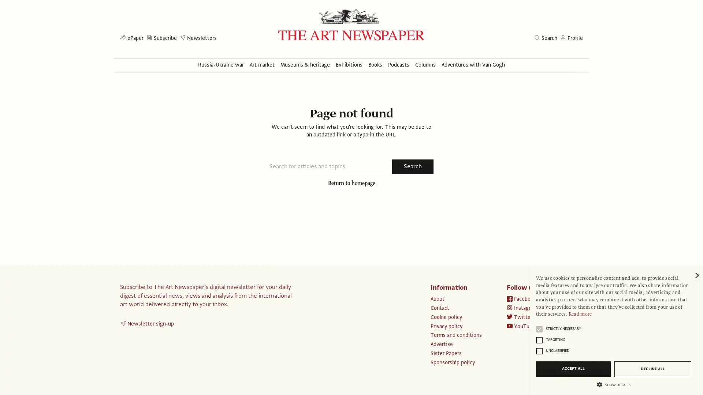 The width and height of the screenshot is (703, 395). I want to click on Close, so click(696, 275).